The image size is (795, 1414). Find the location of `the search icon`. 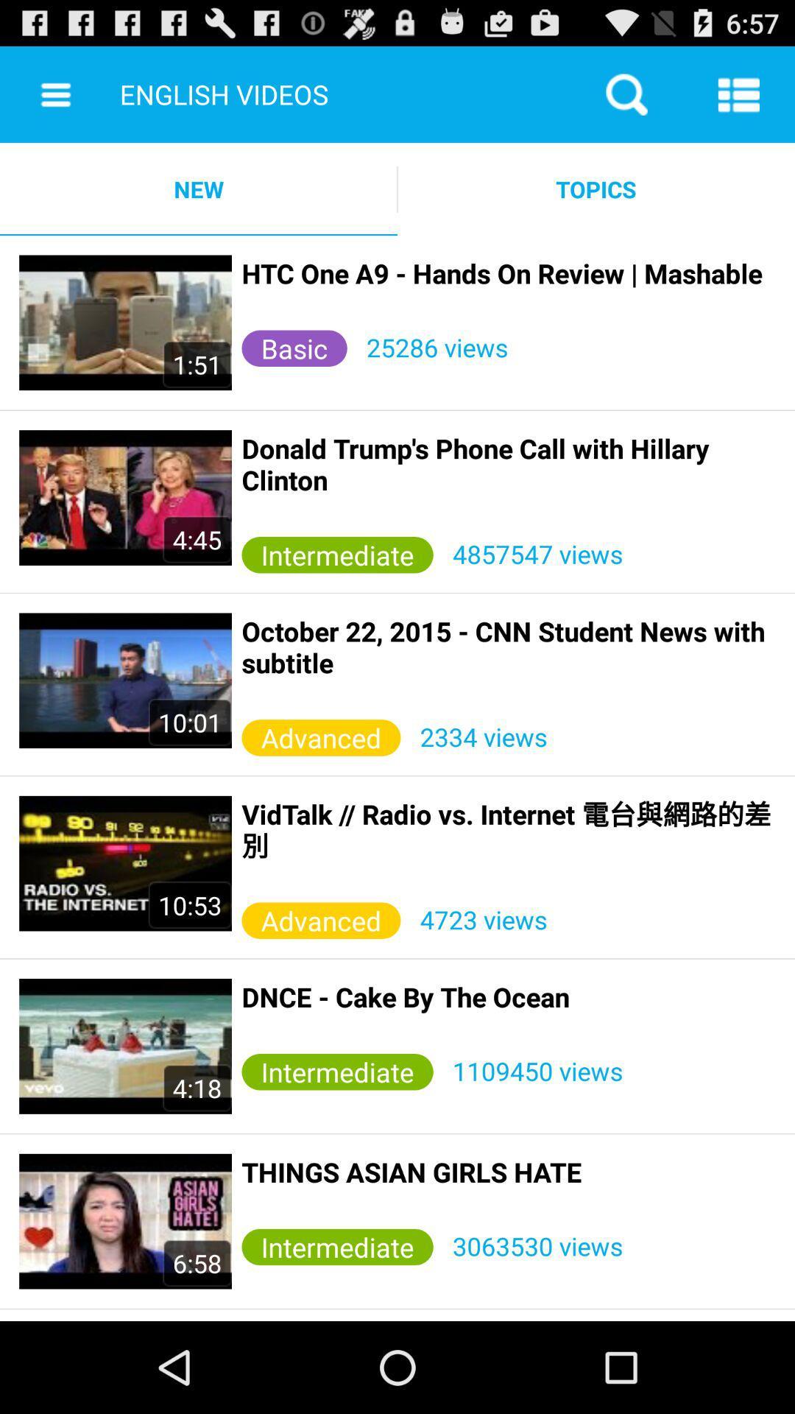

the search icon is located at coordinates (626, 100).